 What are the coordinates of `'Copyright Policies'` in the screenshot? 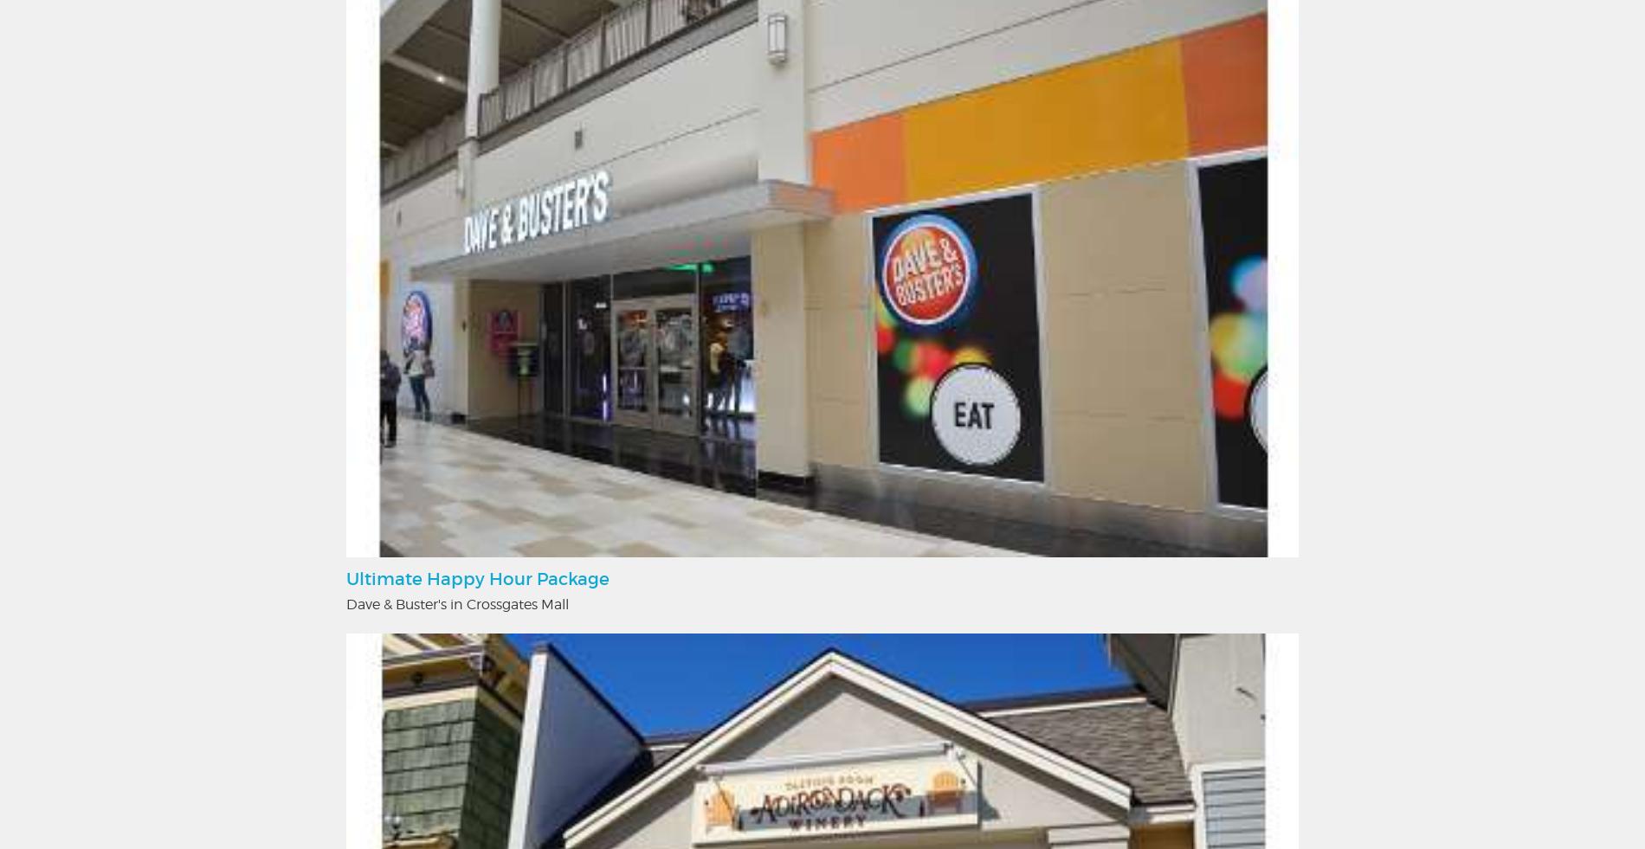 It's located at (920, 263).